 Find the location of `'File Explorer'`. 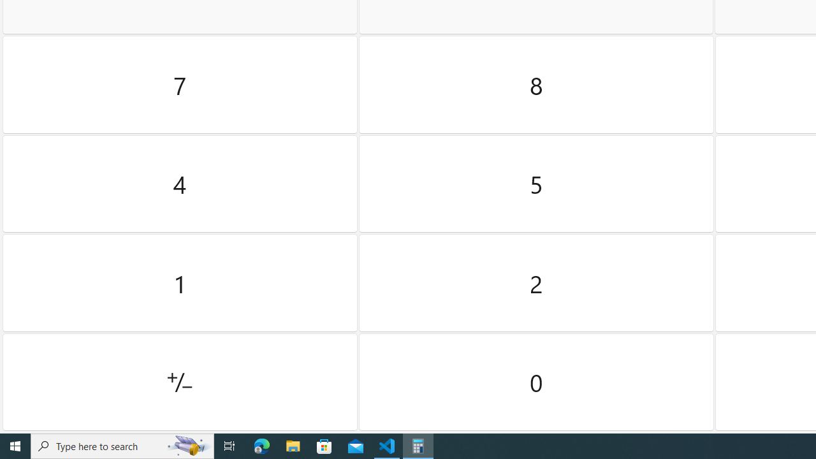

'File Explorer' is located at coordinates (293, 445).